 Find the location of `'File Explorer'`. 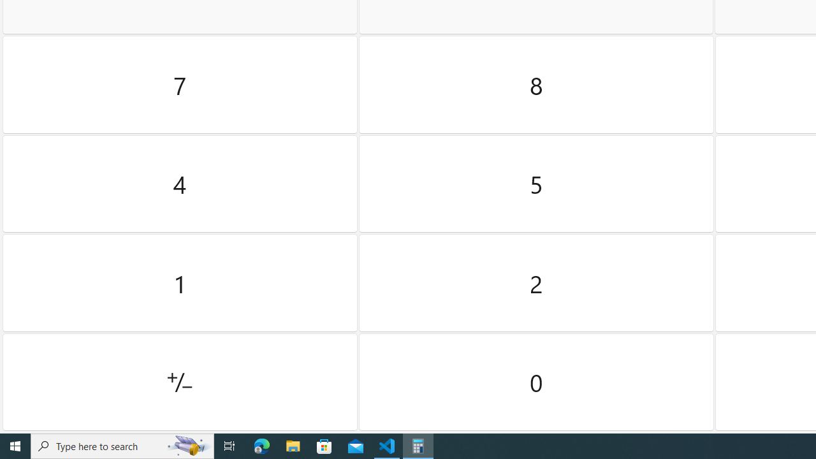

'File Explorer' is located at coordinates (293, 445).